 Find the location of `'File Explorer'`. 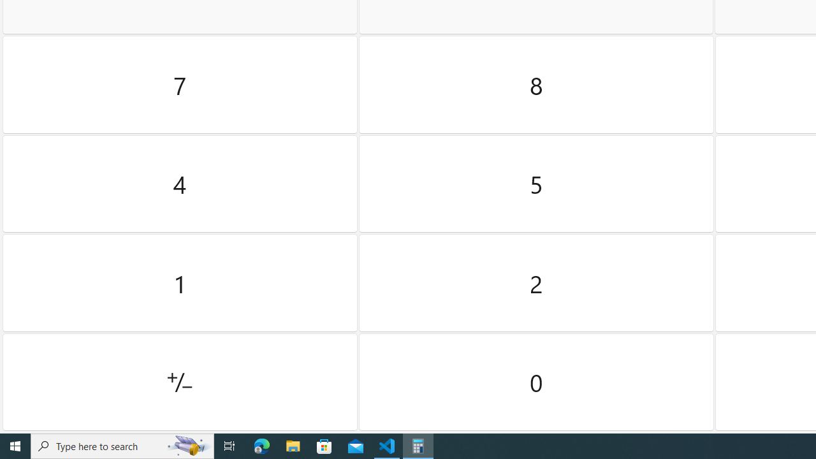

'File Explorer' is located at coordinates (293, 445).